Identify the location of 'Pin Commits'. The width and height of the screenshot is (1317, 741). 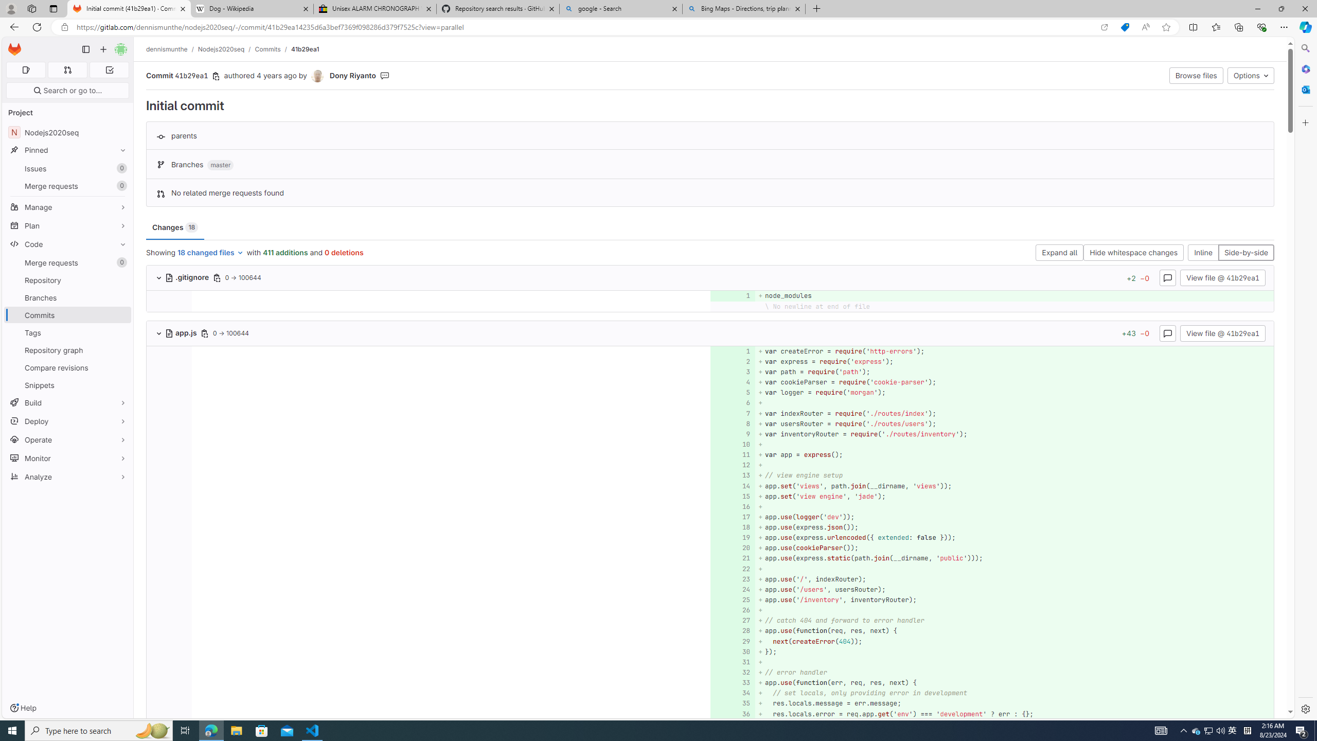
(120, 315).